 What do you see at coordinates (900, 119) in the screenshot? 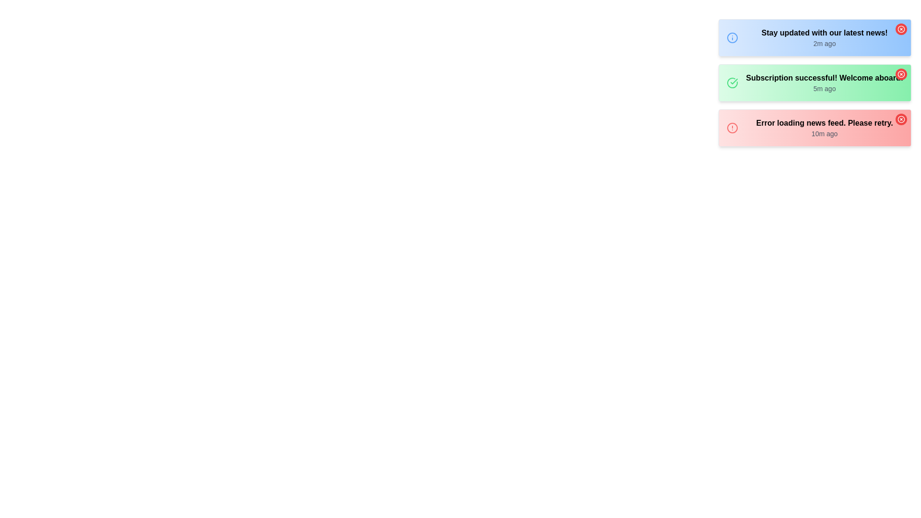
I see `the red circular button with a white 'X' symbol in the top-right corner of the error message card` at bounding box center [900, 119].